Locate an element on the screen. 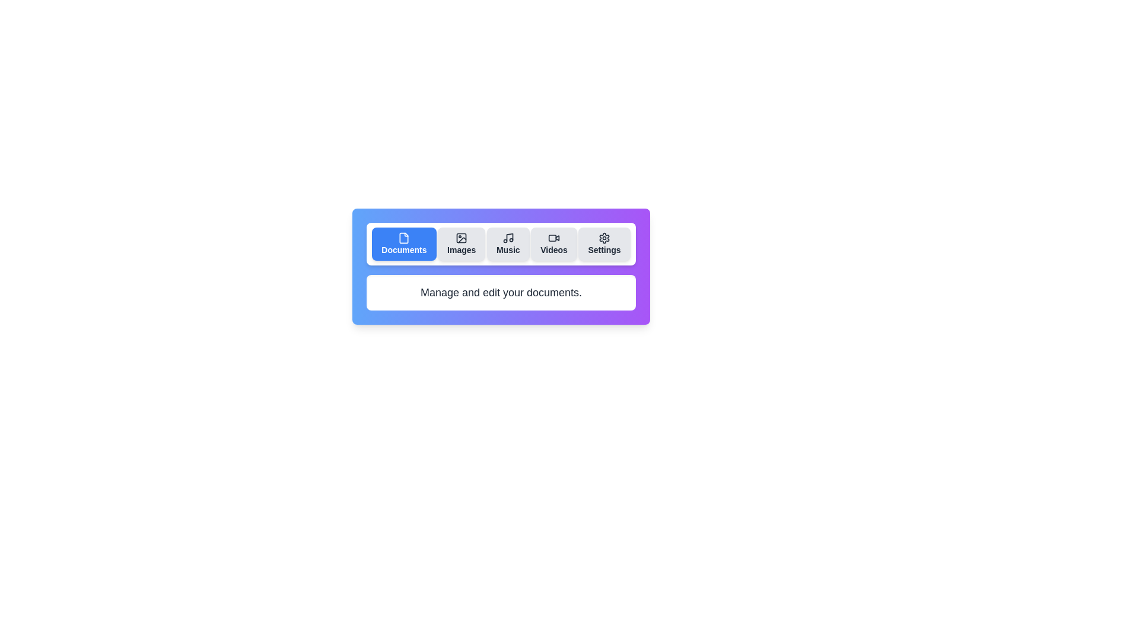  the tab labeled Documents to view its content is located at coordinates (404, 244).